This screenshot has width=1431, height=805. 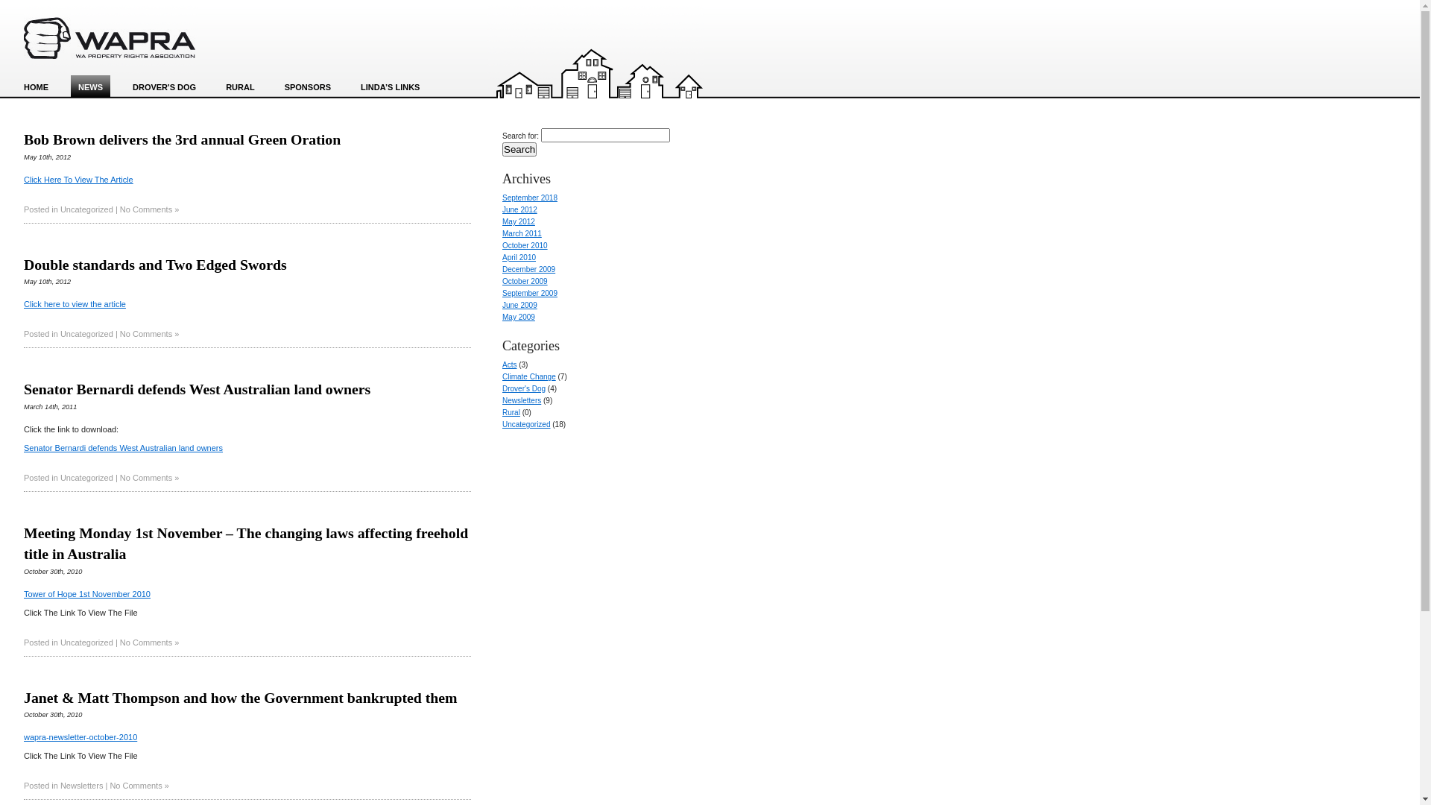 I want to click on 'Senator Bernardi defends West Australian land owners', so click(x=123, y=447).